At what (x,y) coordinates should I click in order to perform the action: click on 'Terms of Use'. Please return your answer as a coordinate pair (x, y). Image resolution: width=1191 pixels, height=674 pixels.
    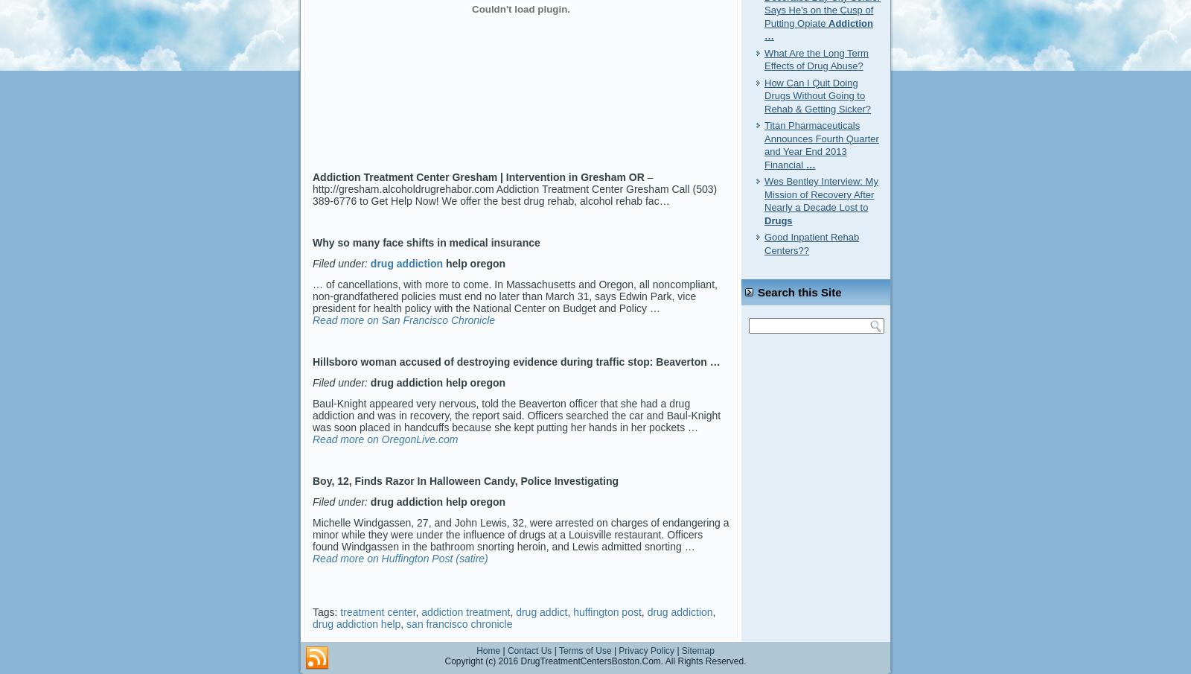
    Looking at the image, I should click on (584, 650).